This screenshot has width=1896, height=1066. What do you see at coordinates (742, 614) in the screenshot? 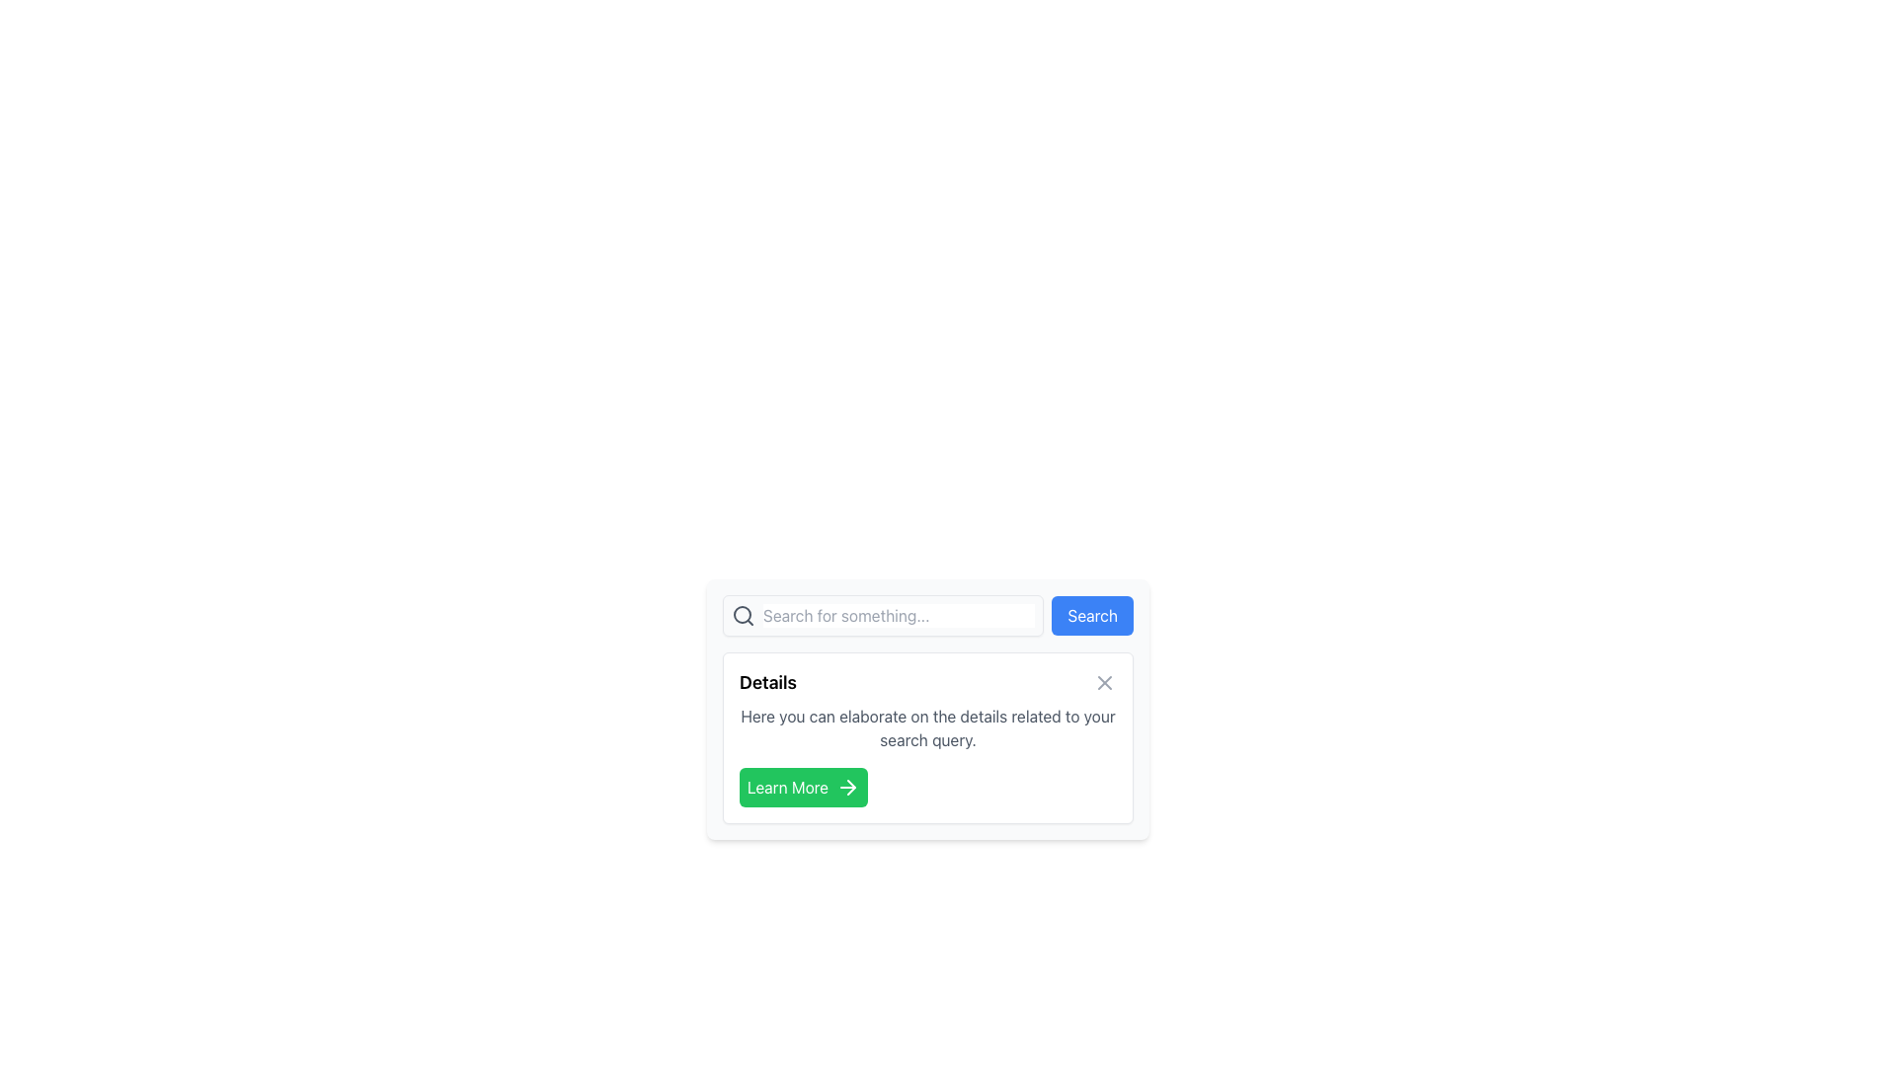
I see `the magnifying glass icon located to the left of the search input field to focus on the search input field` at bounding box center [742, 614].